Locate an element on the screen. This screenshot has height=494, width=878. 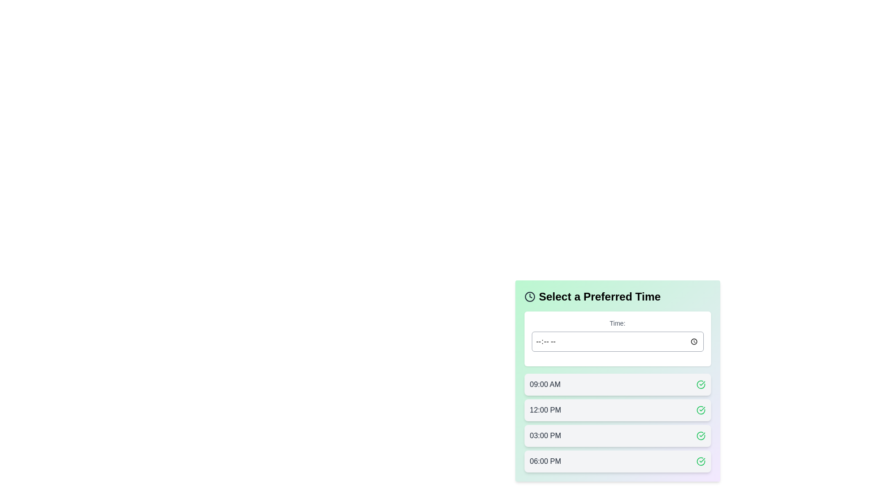
the green circular icon with a checked mark located to the right of the '12:00 PM' row is located at coordinates (700, 410).